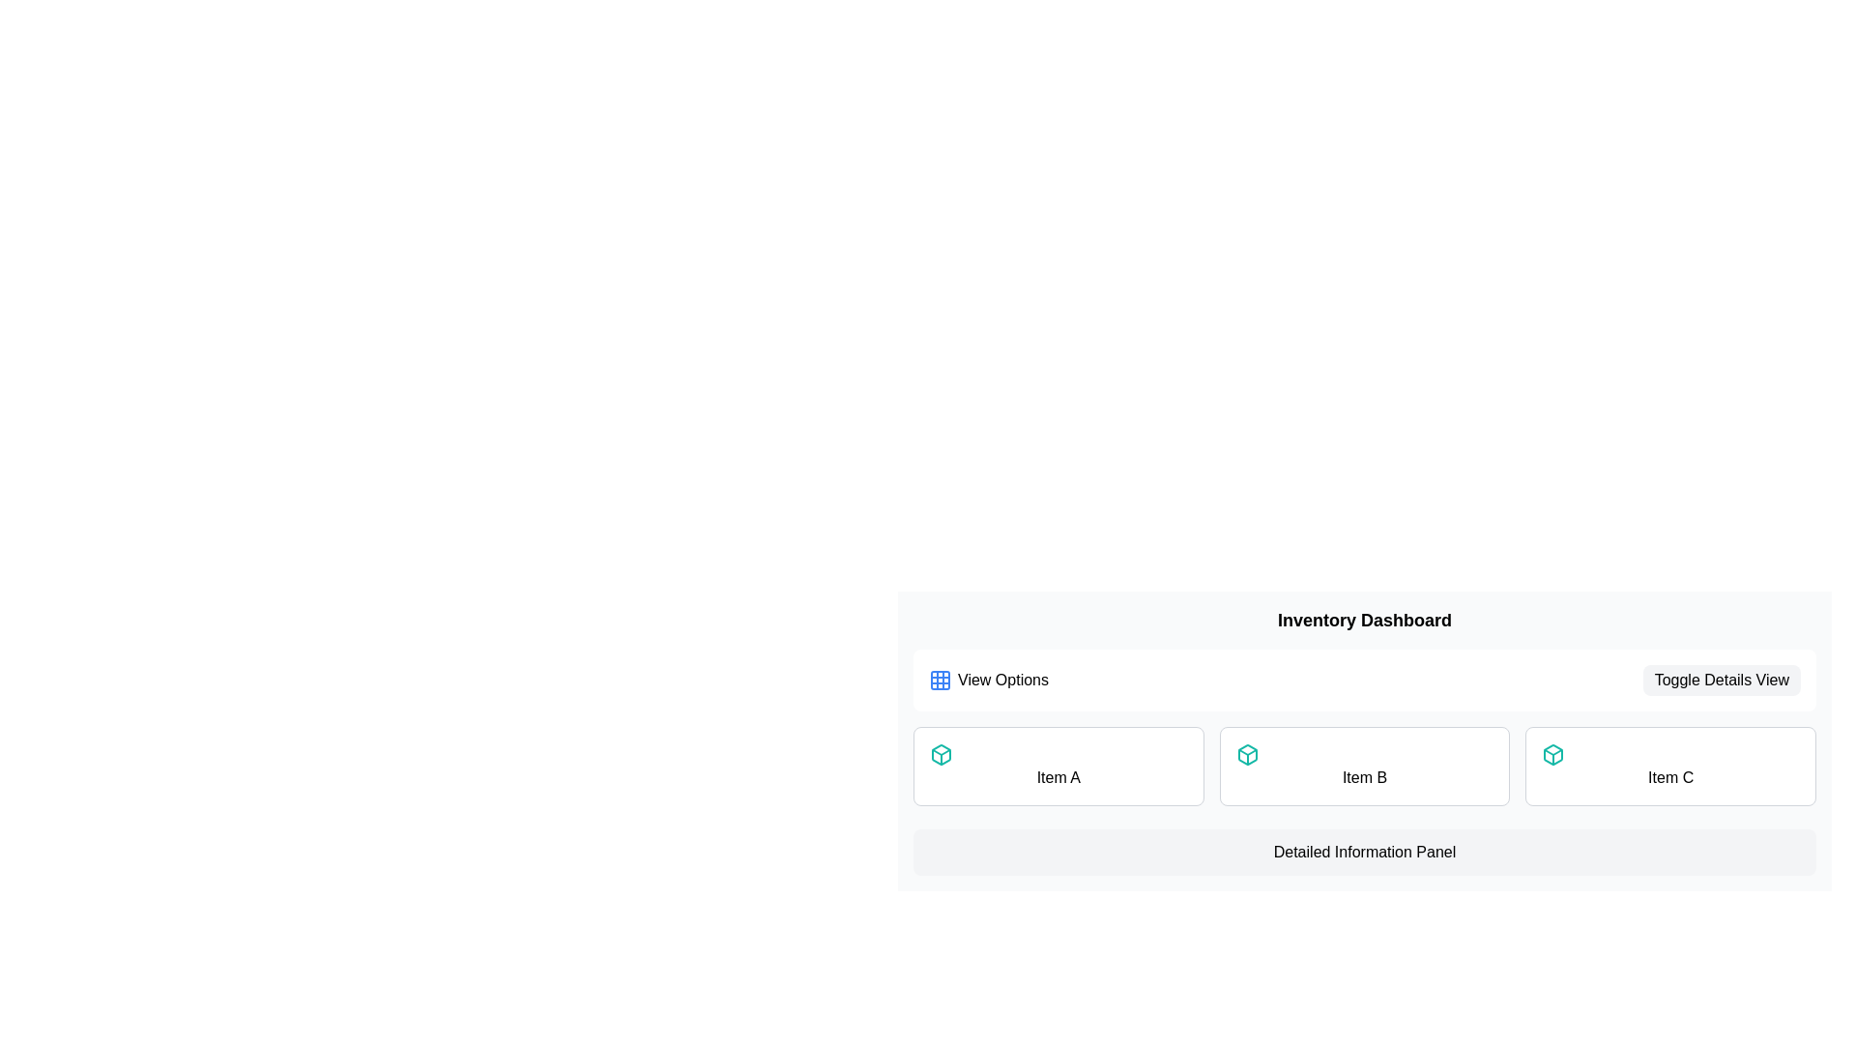 This screenshot has width=1856, height=1044. Describe the element at coordinates (942, 753) in the screenshot. I see `the teal outlined icon representing a 3D box-like structure located beneath the caption 'Item A' on the main dashboard interface` at that location.